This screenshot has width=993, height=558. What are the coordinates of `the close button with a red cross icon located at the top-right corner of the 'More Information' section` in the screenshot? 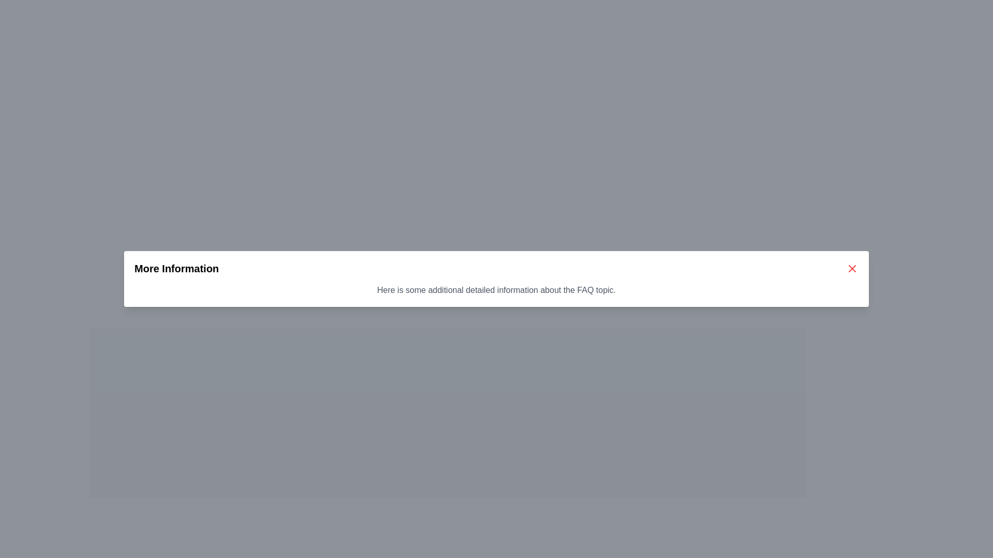 It's located at (852, 268).